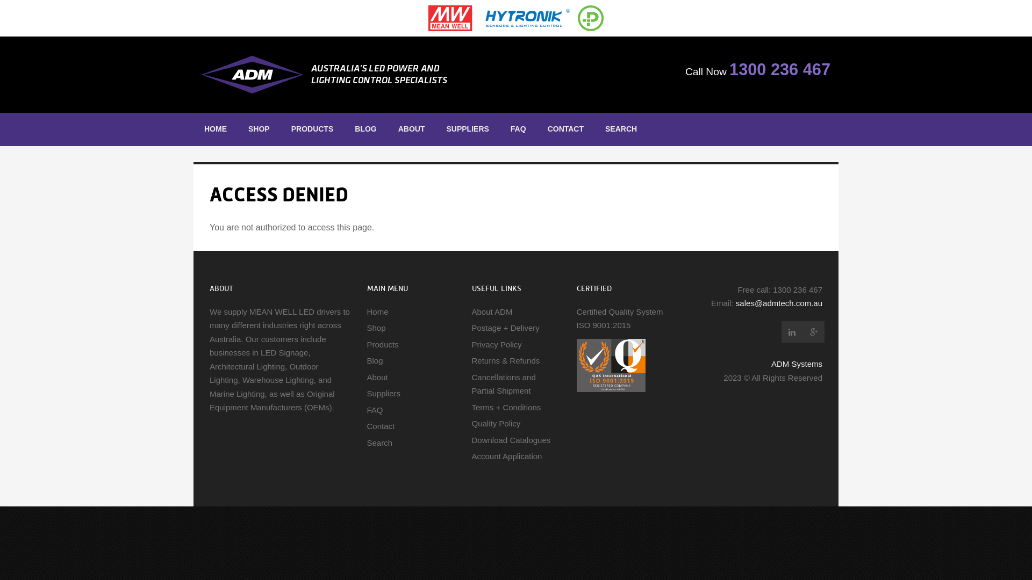 Image resolution: width=1032 pixels, height=580 pixels. What do you see at coordinates (518, 128) in the screenshot?
I see `'FAQ'` at bounding box center [518, 128].